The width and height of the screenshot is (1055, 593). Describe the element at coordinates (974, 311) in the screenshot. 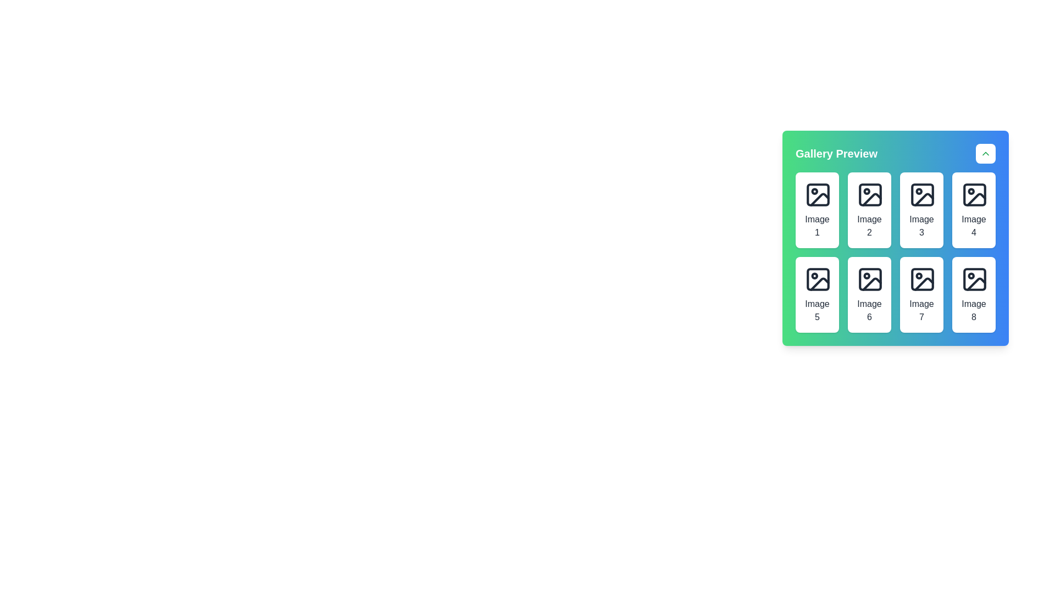

I see `the static text label located at the bottom of the image card in the grid layout, which aids in identifying the image` at that location.